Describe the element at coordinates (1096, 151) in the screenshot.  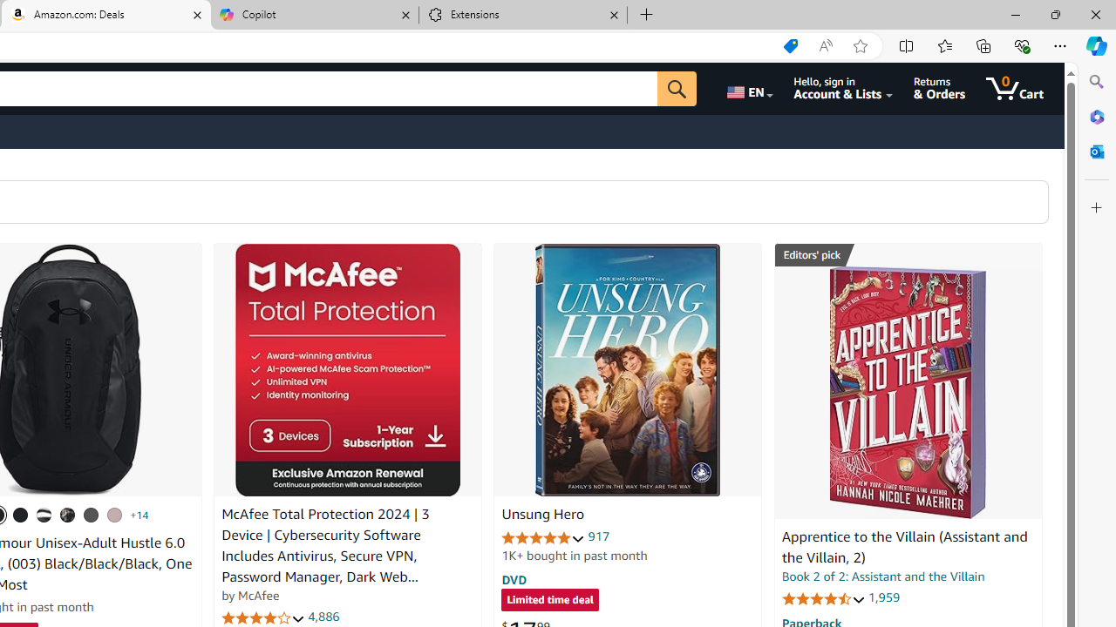
I see `'Close Outlook pane'` at that location.